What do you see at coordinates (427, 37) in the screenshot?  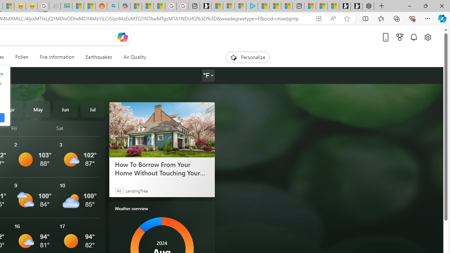 I see `'Open settings'` at bounding box center [427, 37].